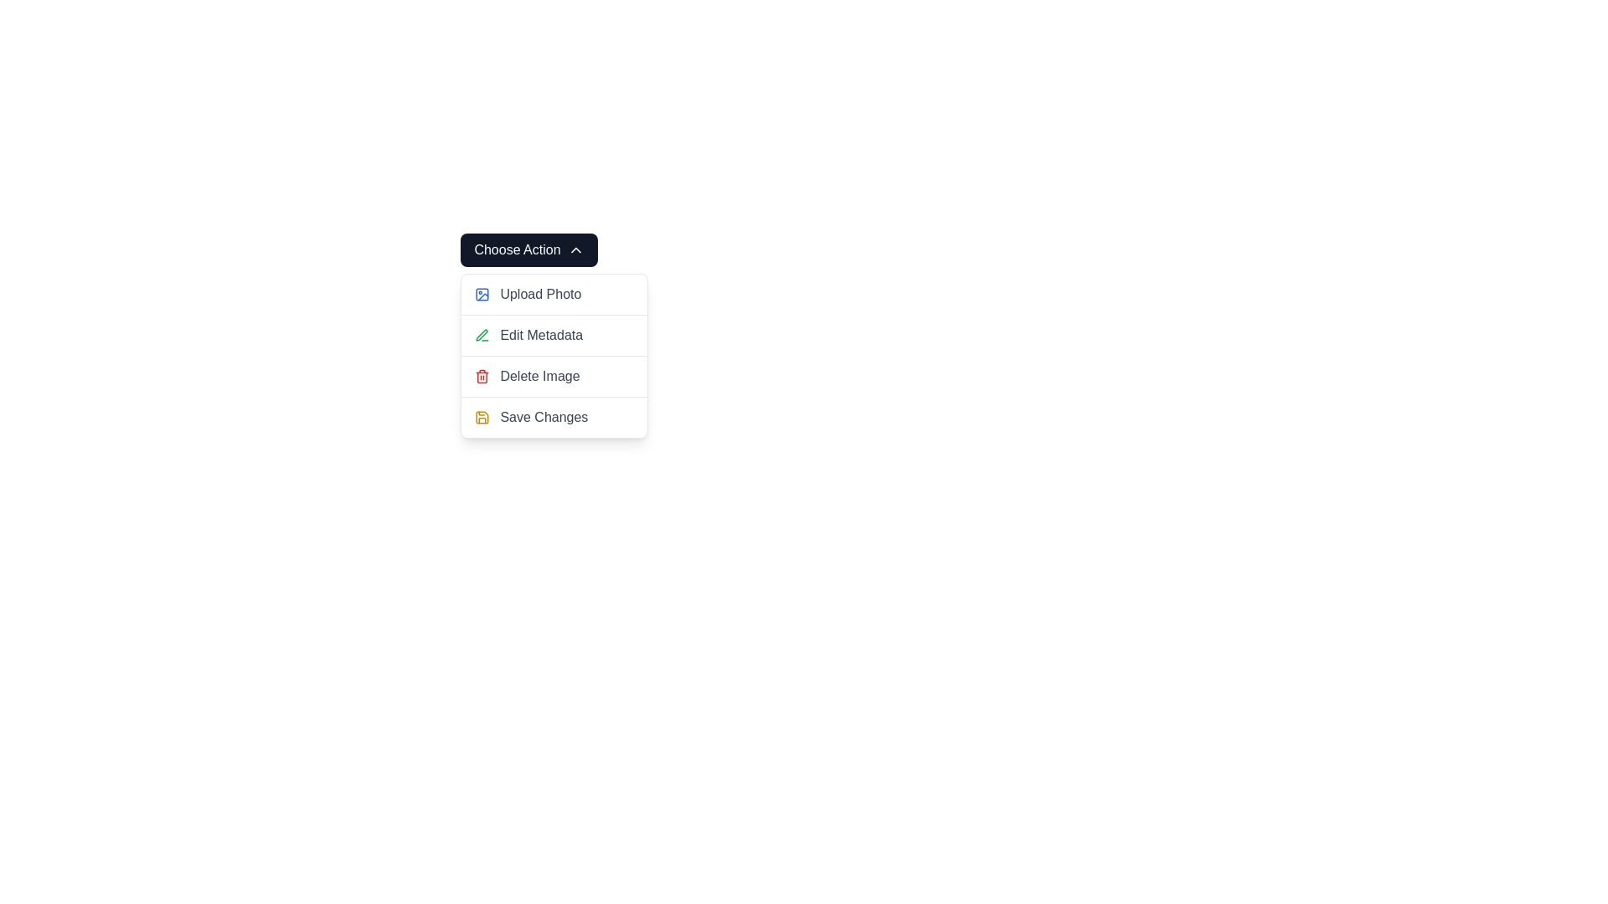 The height and width of the screenshot is (904, 1608). I want to click on the chevron-style arrow icon located on the right side of the 'Choose Action' button, so click(575, 250).